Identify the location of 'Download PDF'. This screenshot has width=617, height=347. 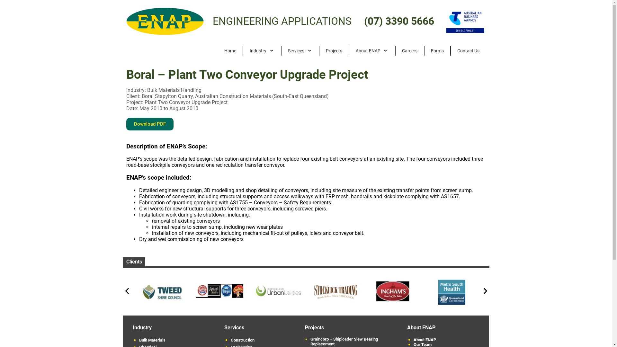
(126, 124).